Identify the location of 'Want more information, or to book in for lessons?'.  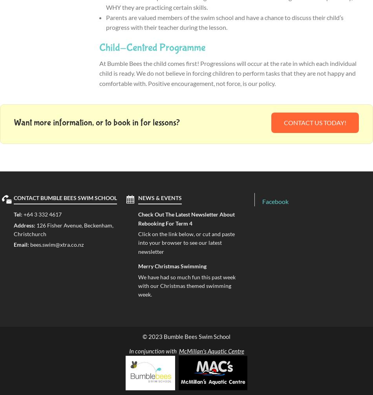
(14, 122).